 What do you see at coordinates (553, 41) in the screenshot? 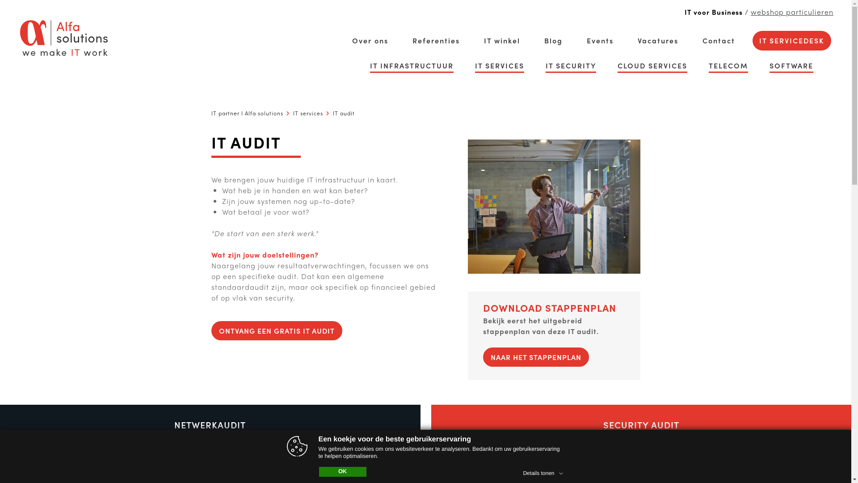
I see `'Blog'` at bounding box center [553, 41].